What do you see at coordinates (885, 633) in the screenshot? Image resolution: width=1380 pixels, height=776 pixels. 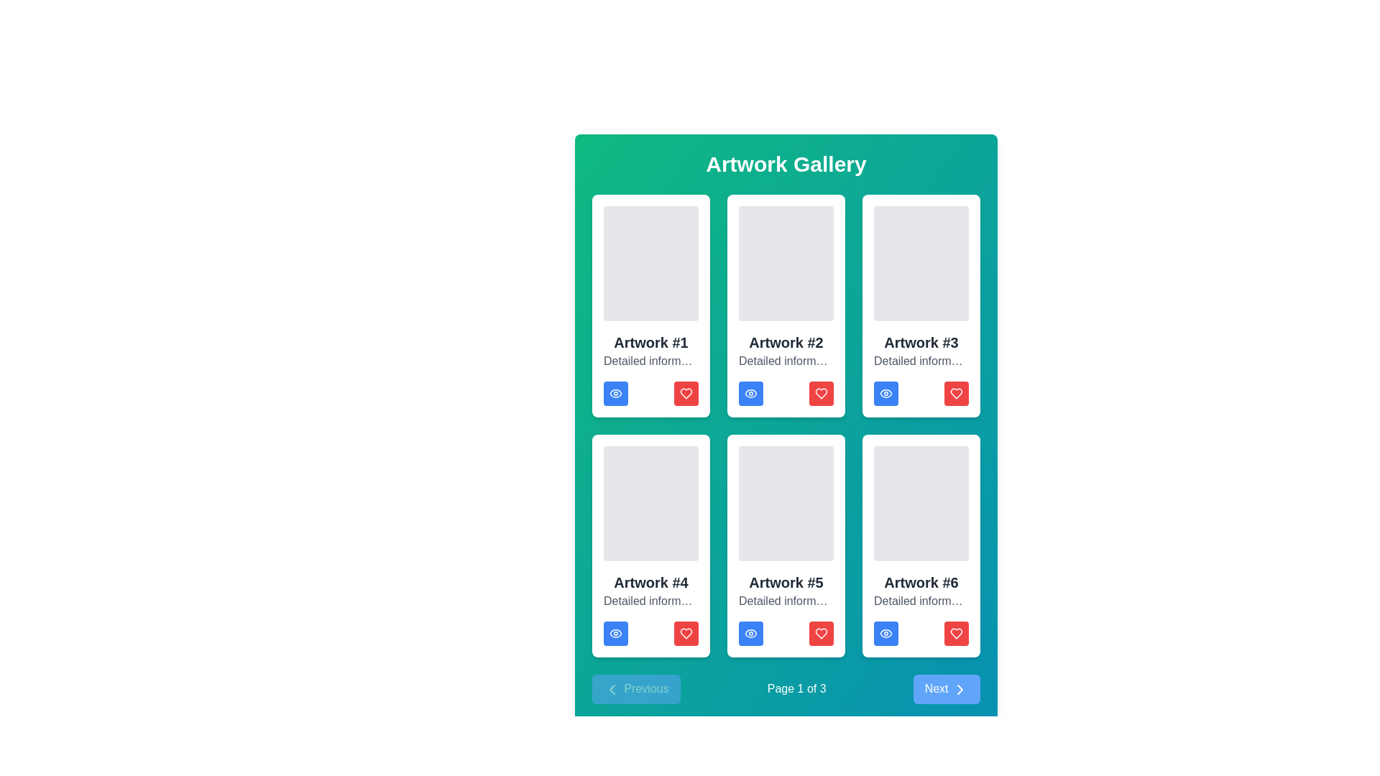 I see `the eye icon in the lower-left button group of the 'Artwork #6' card` at bounding box center [885, 633].